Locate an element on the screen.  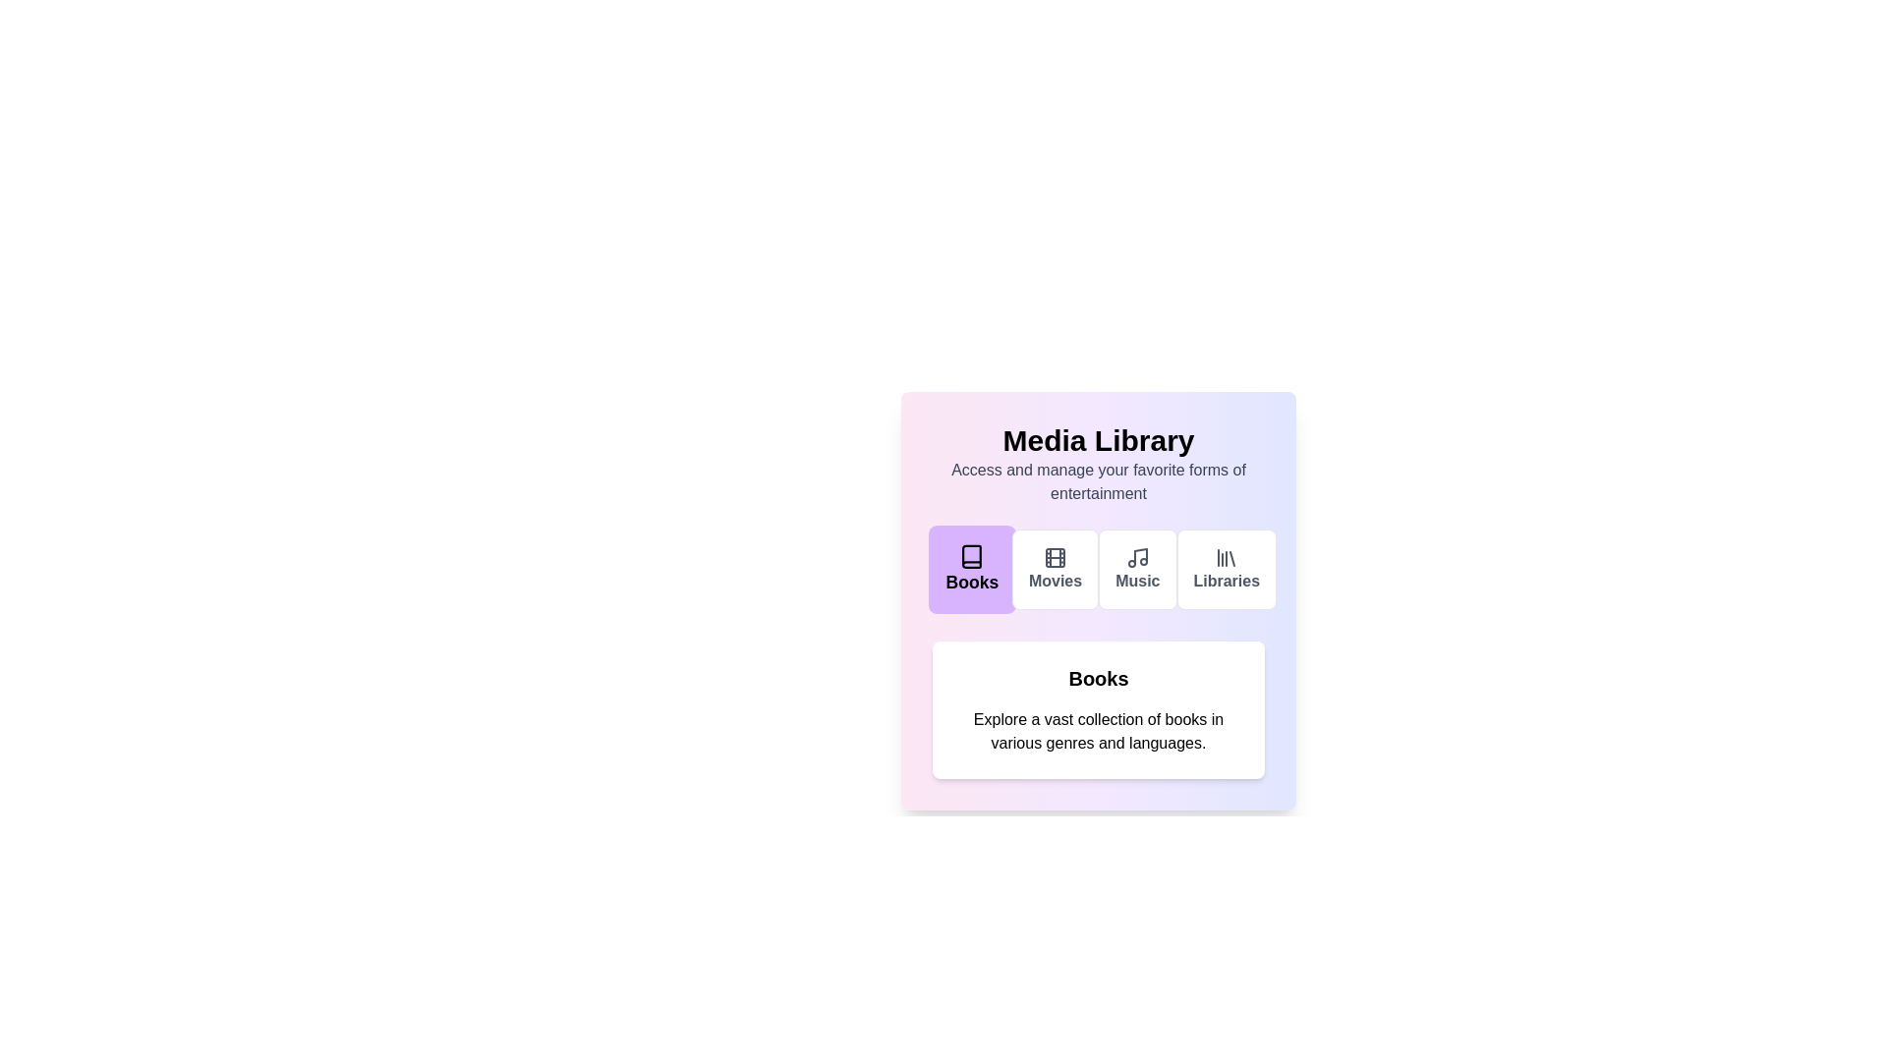
the Libraries tab by clicking on its button is located at coordinates (1226, 569).